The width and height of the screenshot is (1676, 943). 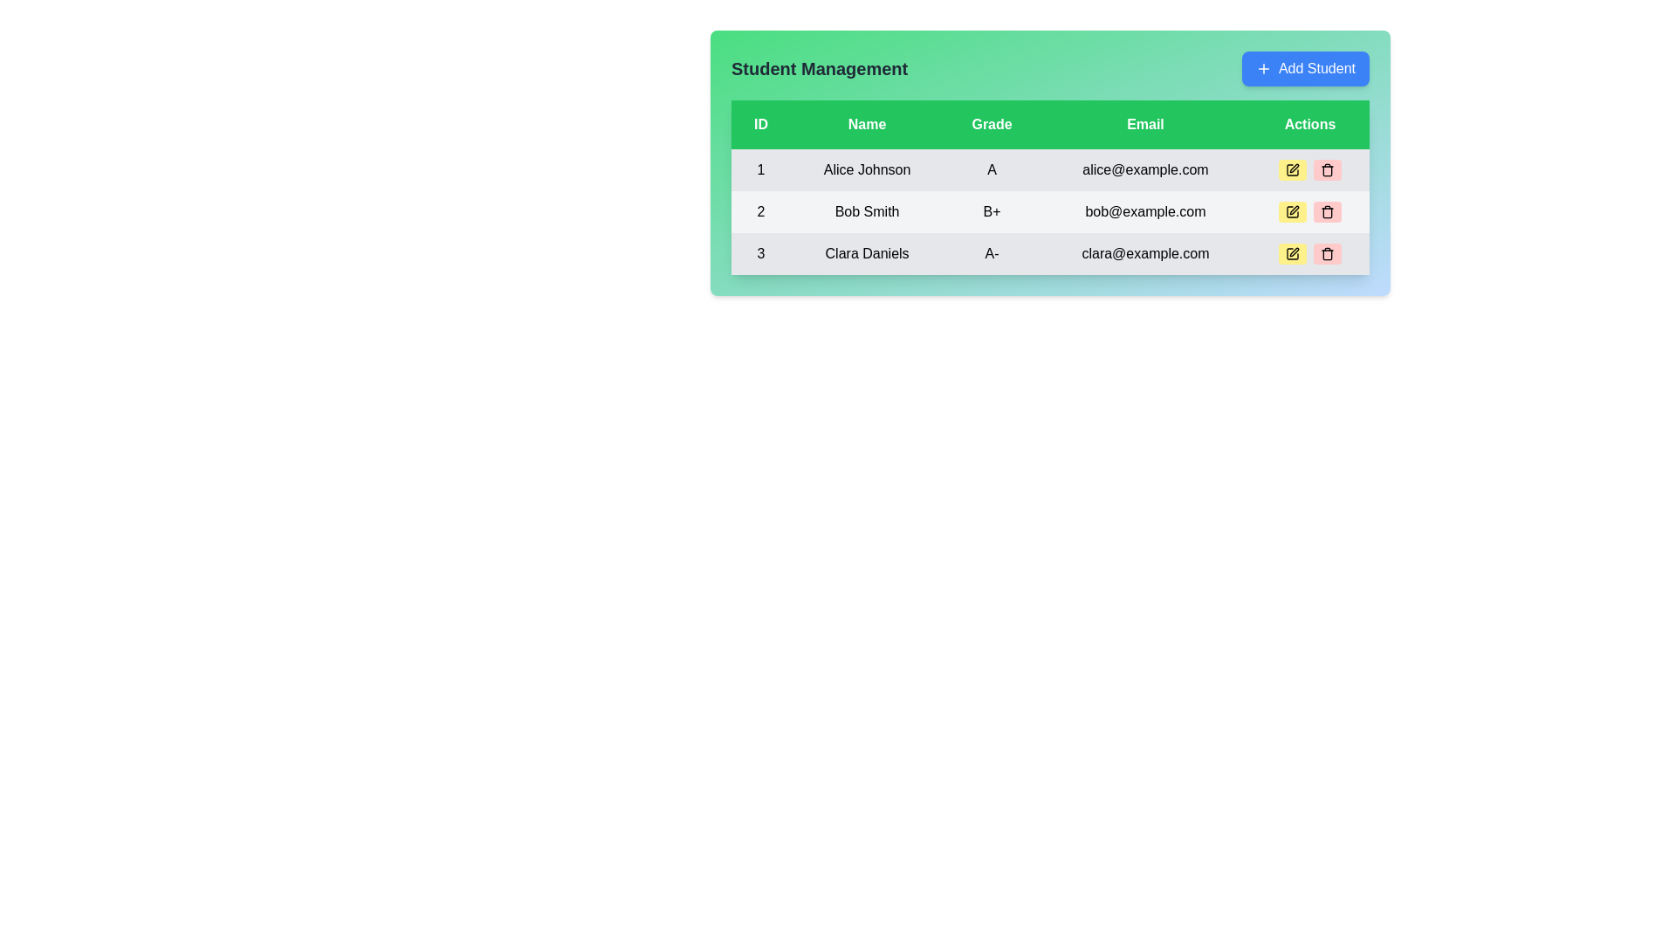 What do you see at coordinates (1145, 211) in the screenshot?
I see `the text display element in the second row of the table that shows the email address 'bob@example.com', located in the fourth column labeled 'Email'` at bounding box center [1145, 211].